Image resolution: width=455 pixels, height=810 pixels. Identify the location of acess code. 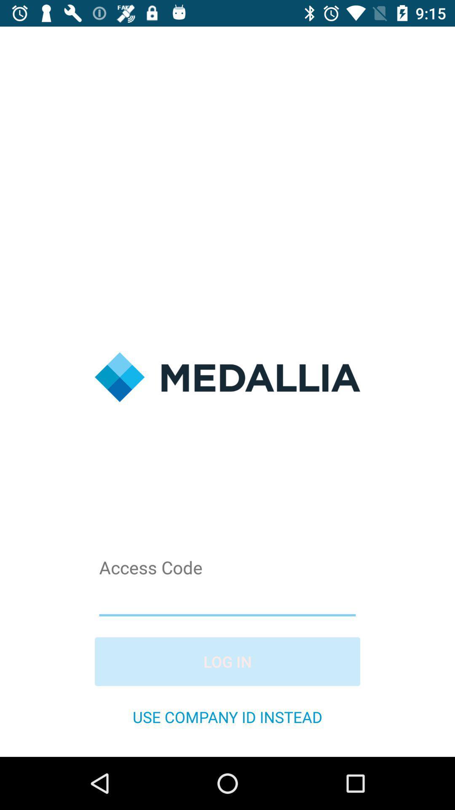
(227, 598).